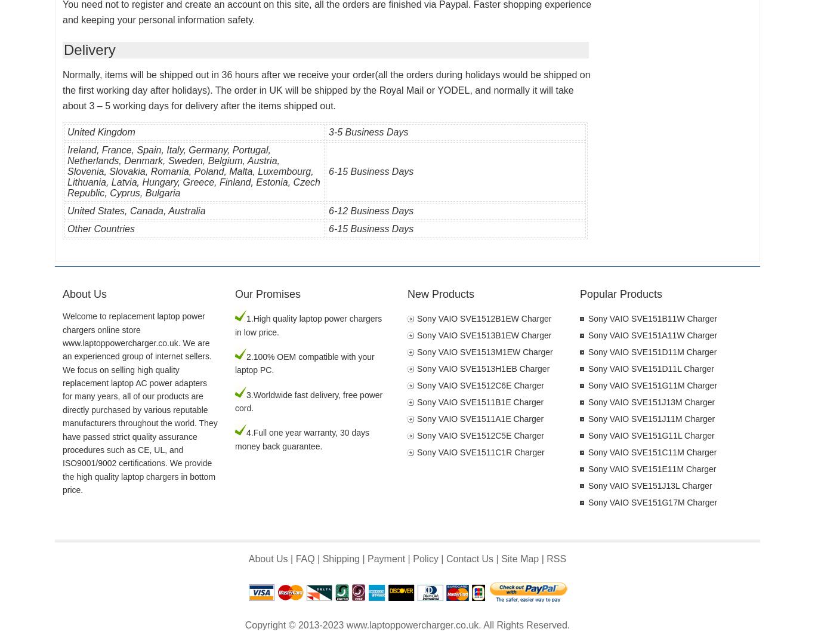 This screenshot has width=815, height=641. I want to click on 'Sony VAIO SVE151E11M Charger', so click(651, 468).